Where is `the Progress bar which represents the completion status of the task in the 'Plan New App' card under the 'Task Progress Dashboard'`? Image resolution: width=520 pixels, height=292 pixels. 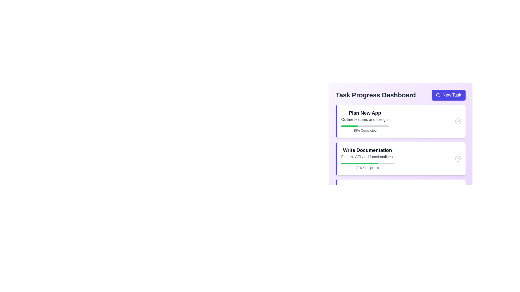
the Progress bar which represents the completion status of the task in the 'Plan New App' card under the 'Task Progress Dashboard' is located at coordinates (349, 126).